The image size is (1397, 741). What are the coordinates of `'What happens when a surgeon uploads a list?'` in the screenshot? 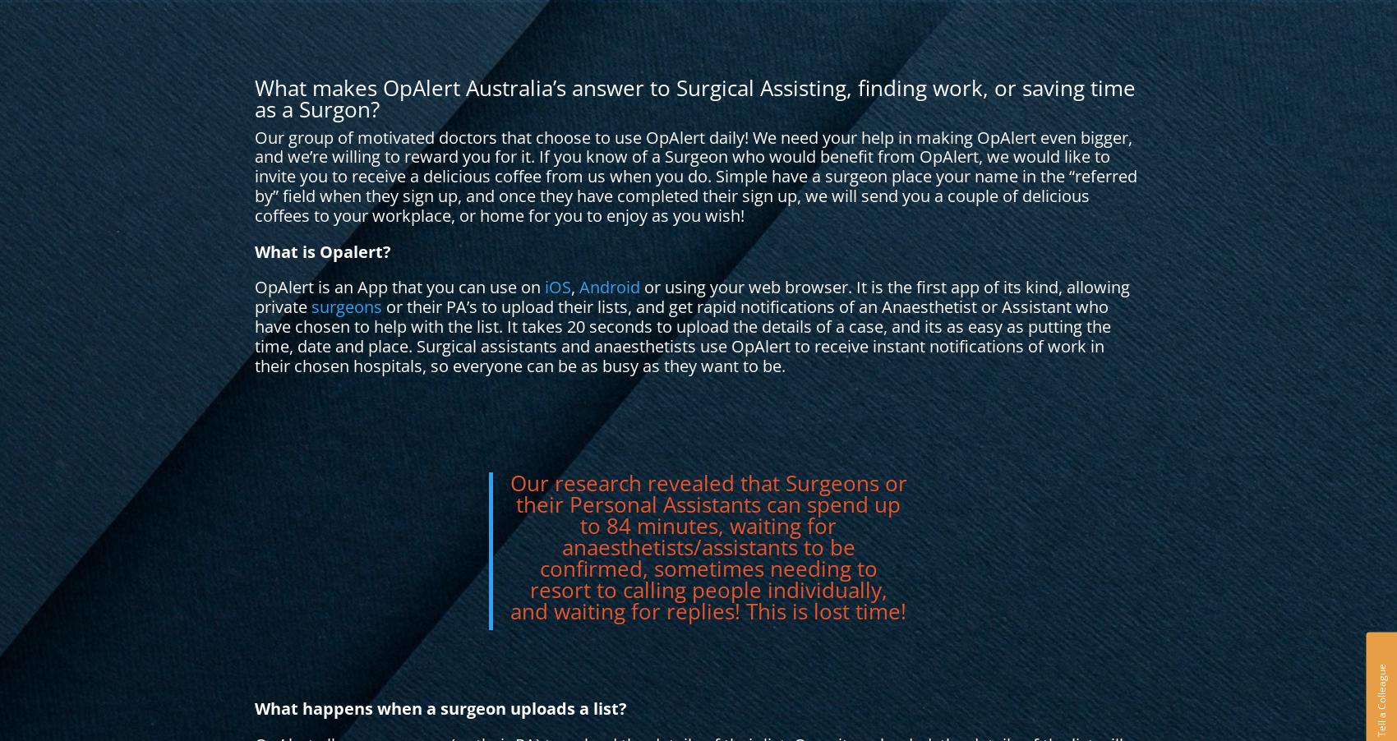 It's located at (440, 708).